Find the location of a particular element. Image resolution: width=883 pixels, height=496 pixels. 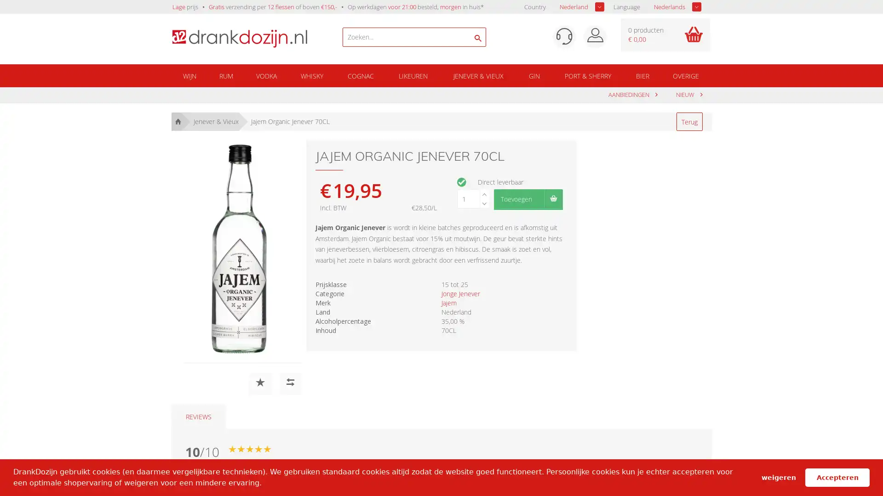

allow cookies is located at coordinates (837, 477).